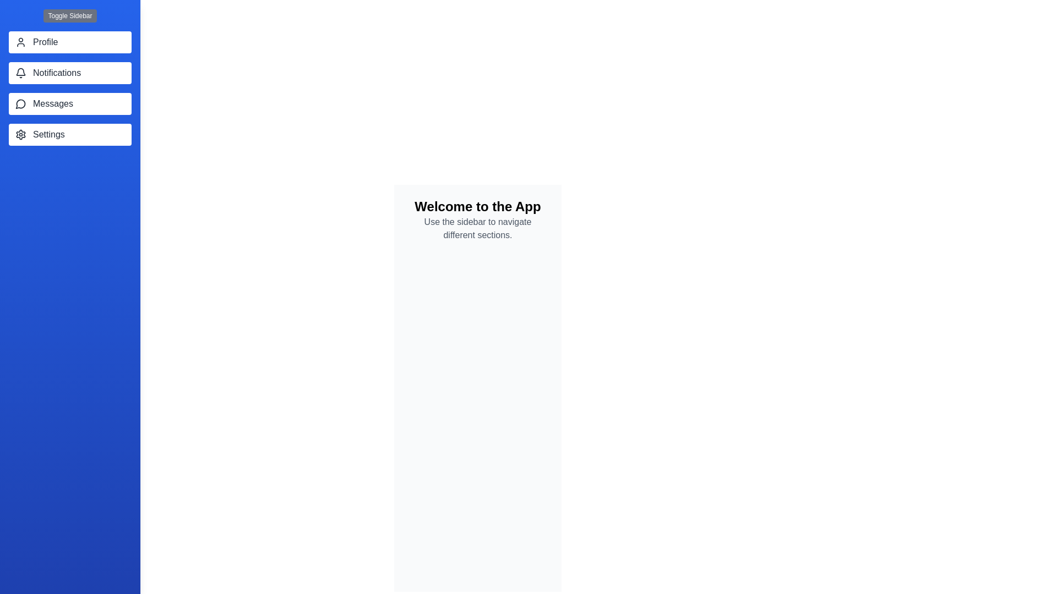 The image size is (1057, 594). Describe the element at coordinates (69, 73) in the screenshot. I see `the sidebar button labeled 'Notifications' to observe visual feedback` at that location.